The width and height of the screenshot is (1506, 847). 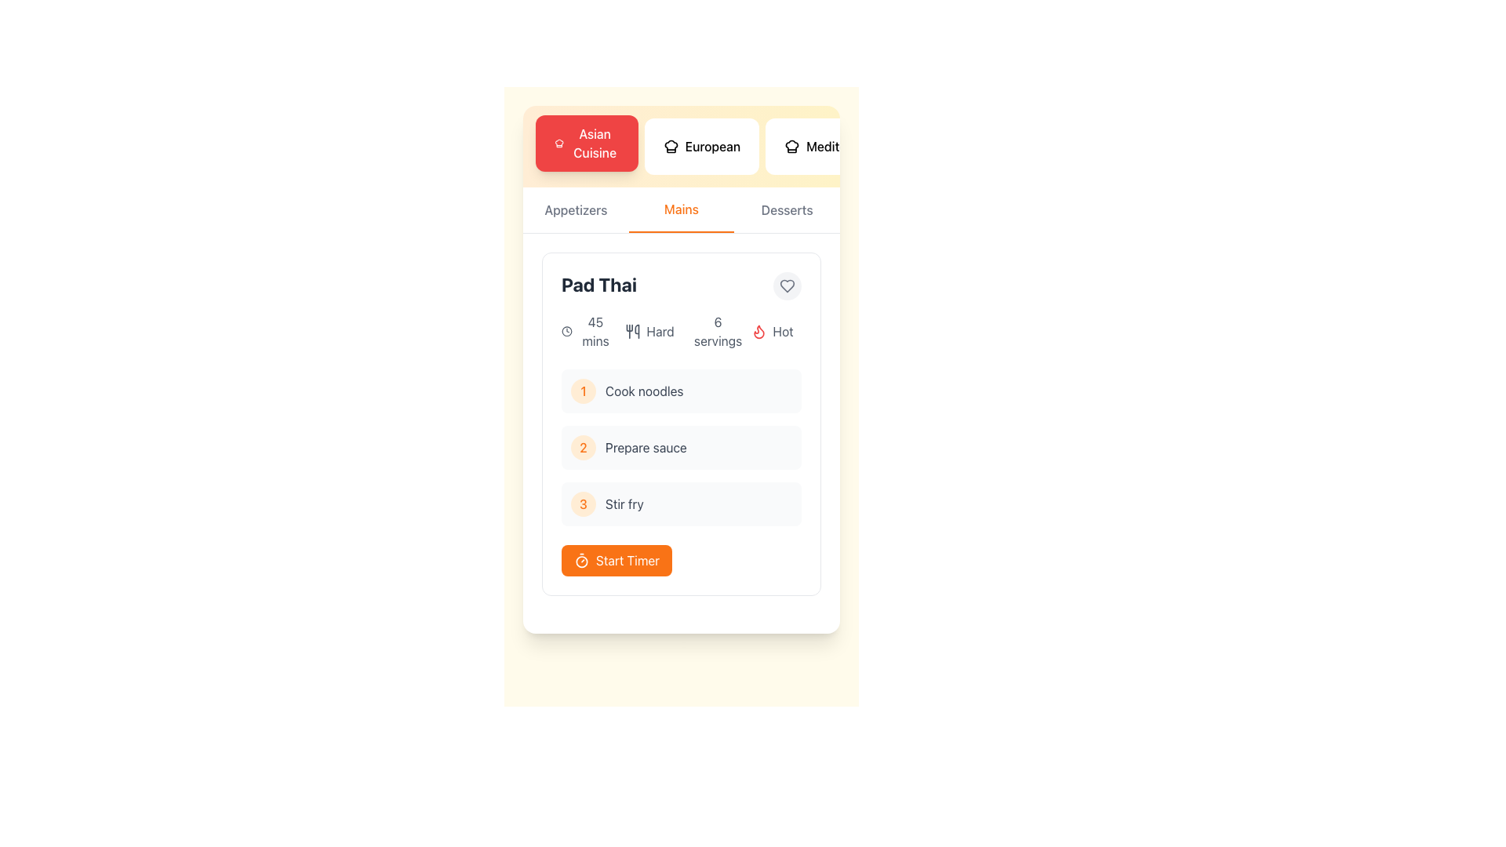 I want to click on the 'Asian Cuisine' button, which is a rectangular button with a red background and white text featuring a chef hat icon, so click(x=586, y=143).